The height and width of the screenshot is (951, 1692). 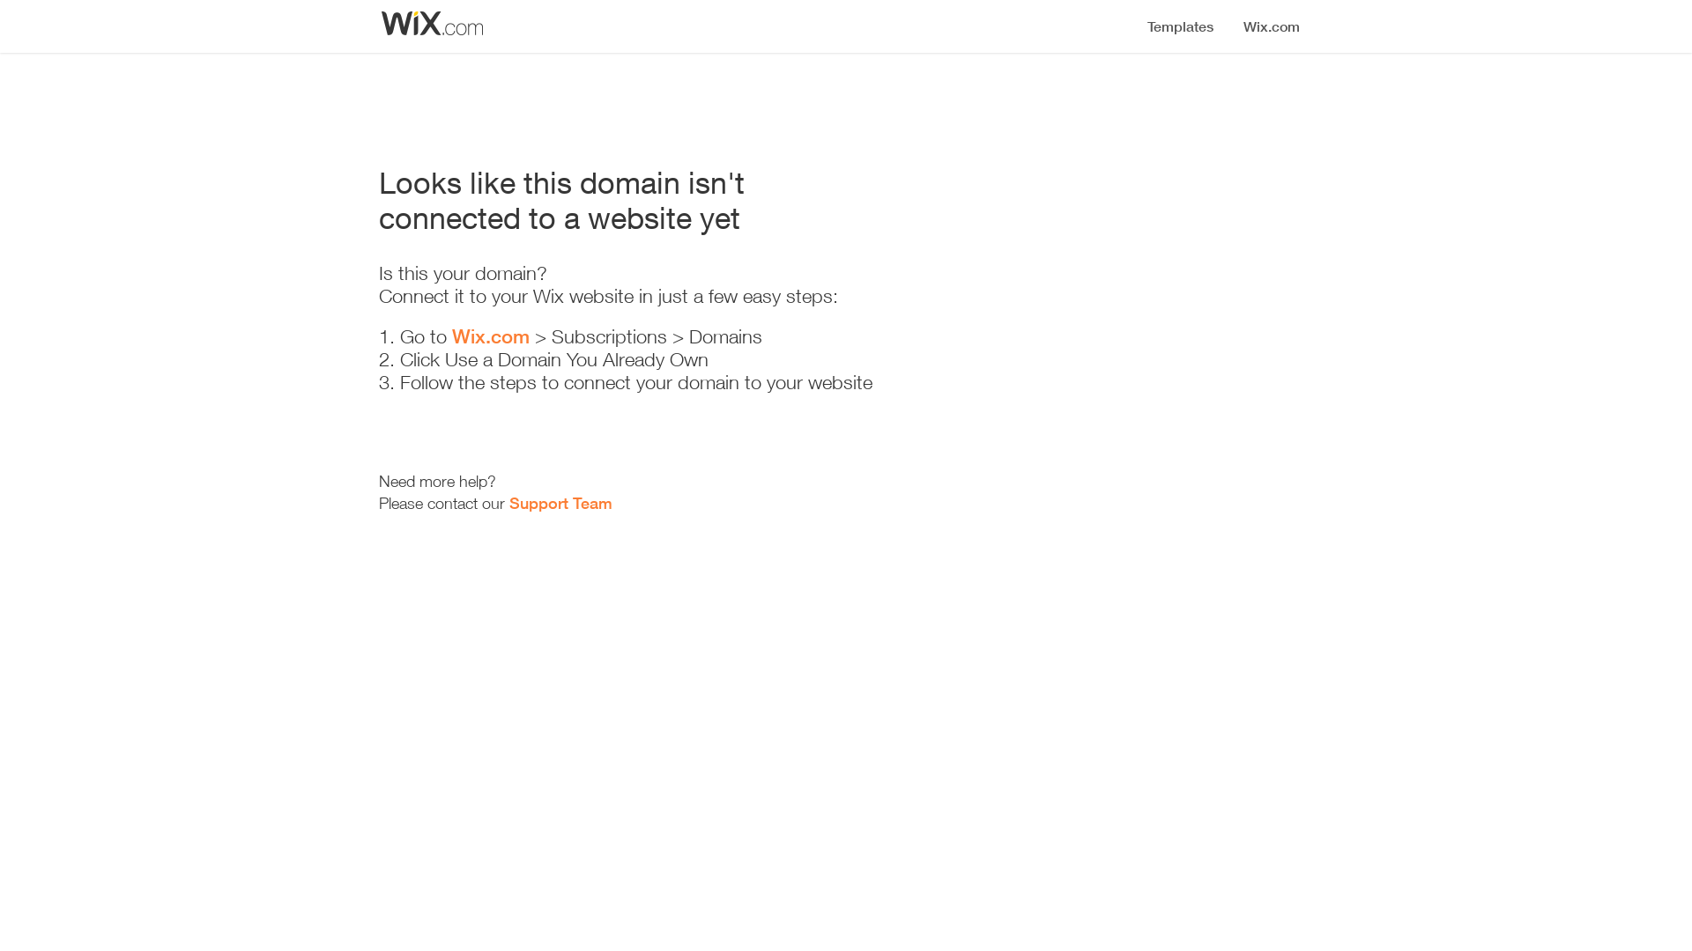 I want to click on 'Wix.com', so click(x=490, y=335).